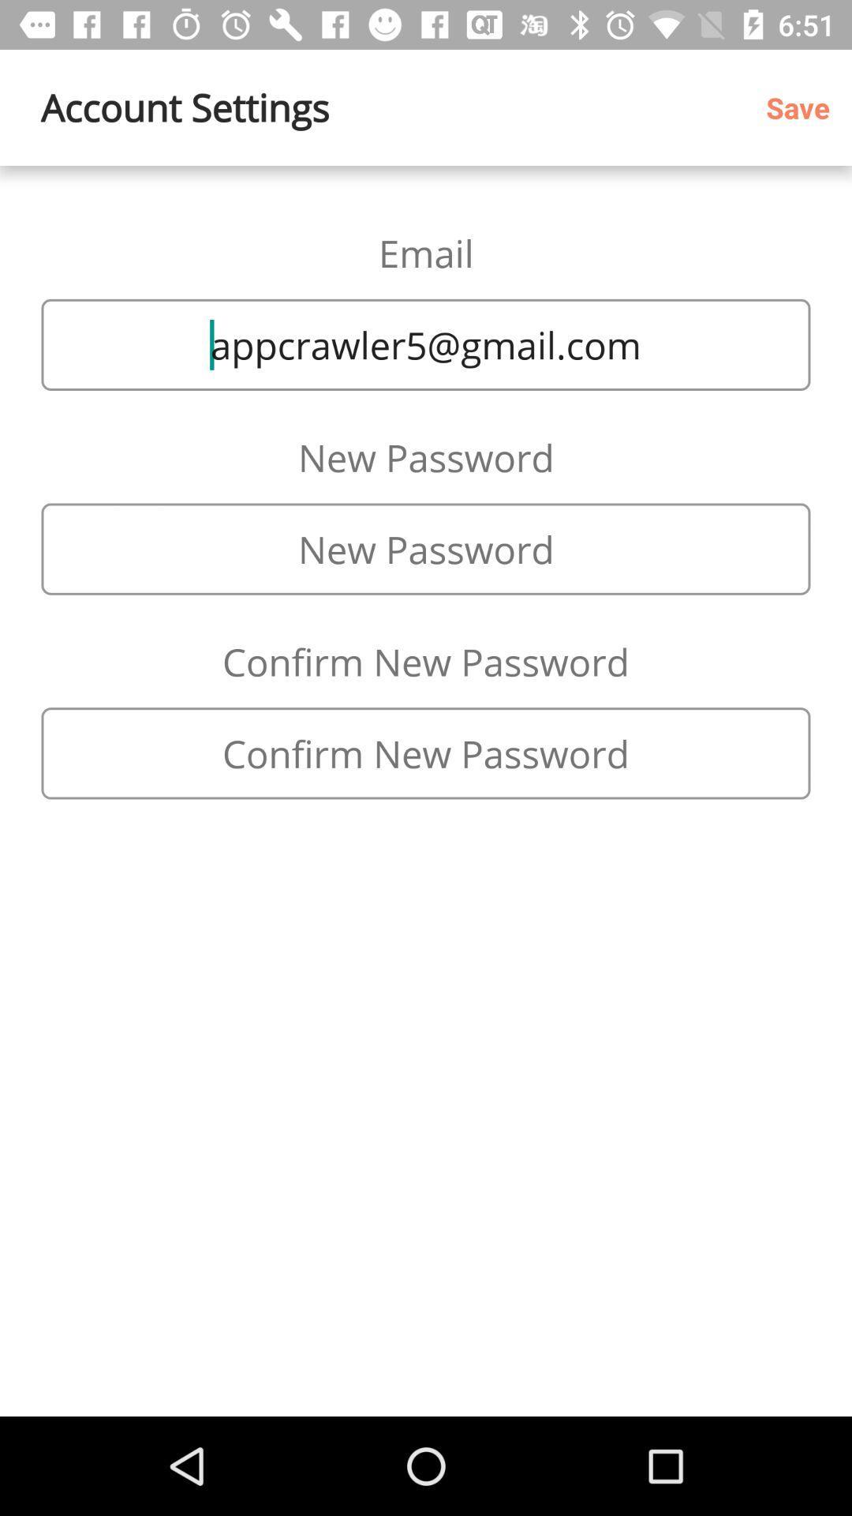 The height and width of the screenshot is (1516, 852). Describe the element at coordinates (426, 549) in the screenshot. I see `new password` at that location.